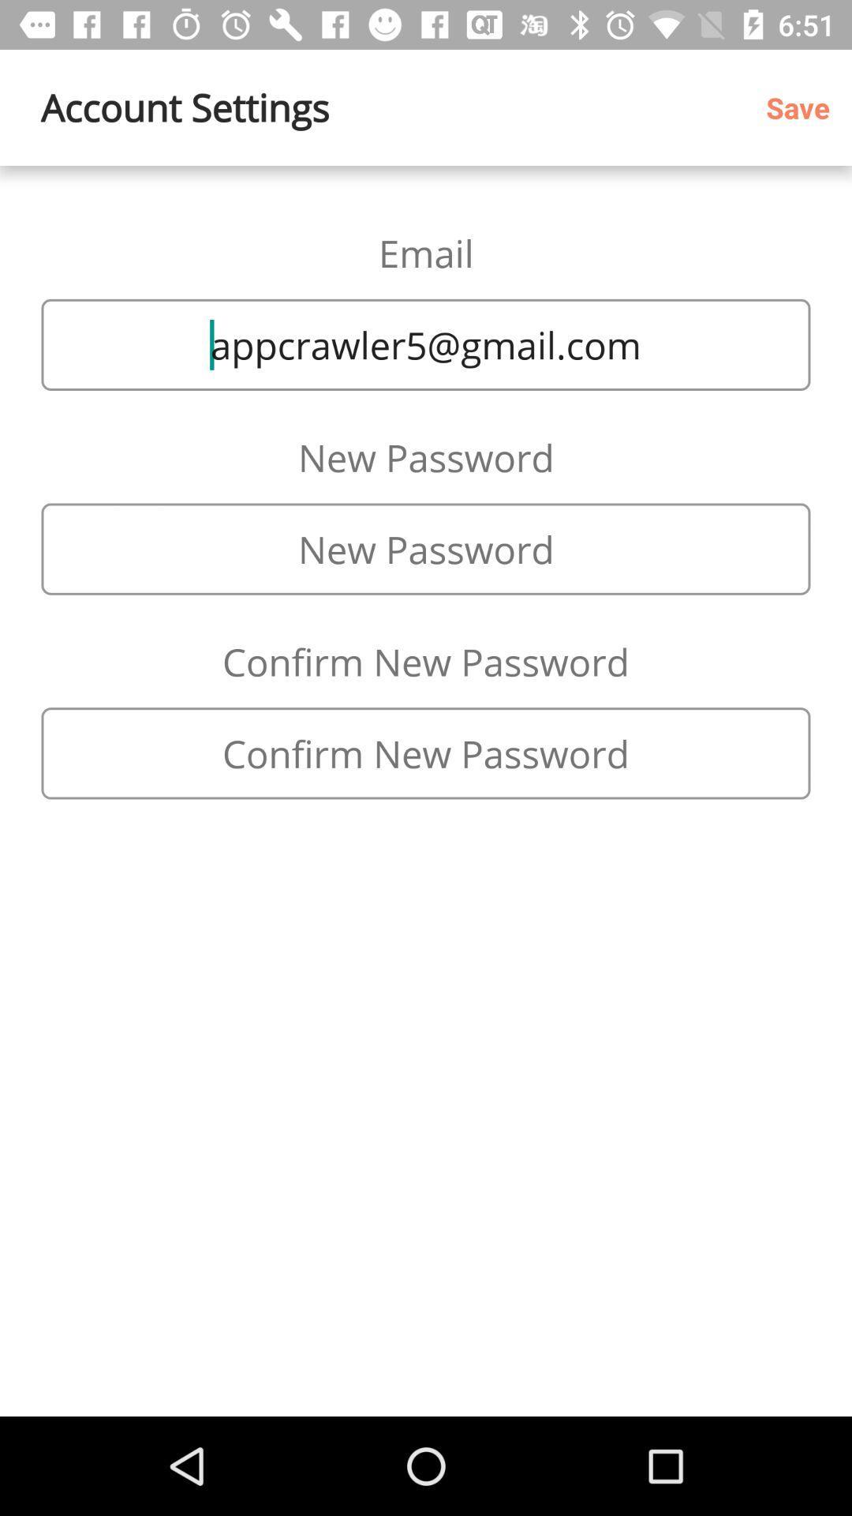 The height and width of the screenshot is (1516, 852). Describe the element at coordinates (426, 549) in the screenshot. I see `new password` at that location.